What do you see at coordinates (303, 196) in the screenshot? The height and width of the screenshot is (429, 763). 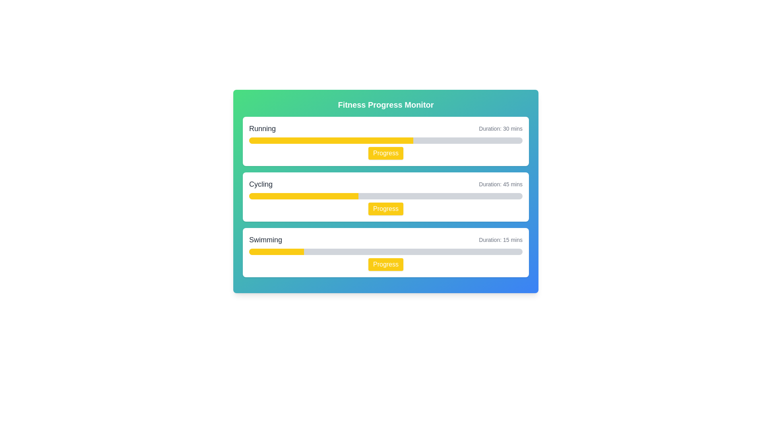 I see `the Progress Bar Segment indicating 40% completion for the 'Cycling' activity` at bounding box center [303, 196].